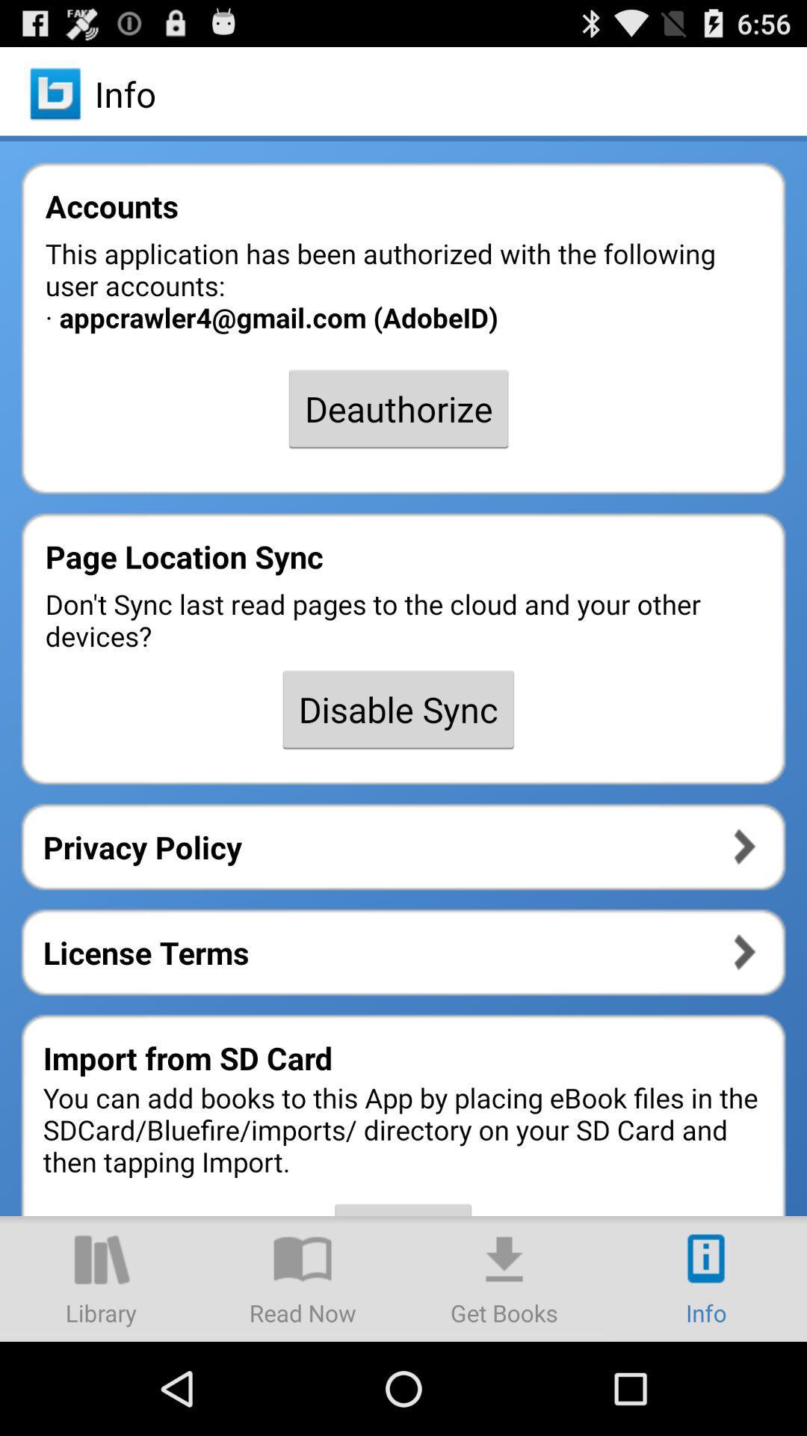  I want to click on the icon below the you can add item, so click(706, 1277).